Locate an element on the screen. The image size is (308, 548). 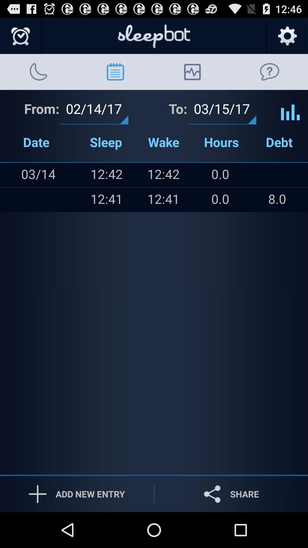
item next to the   icon is located at coordinates (49, 200).